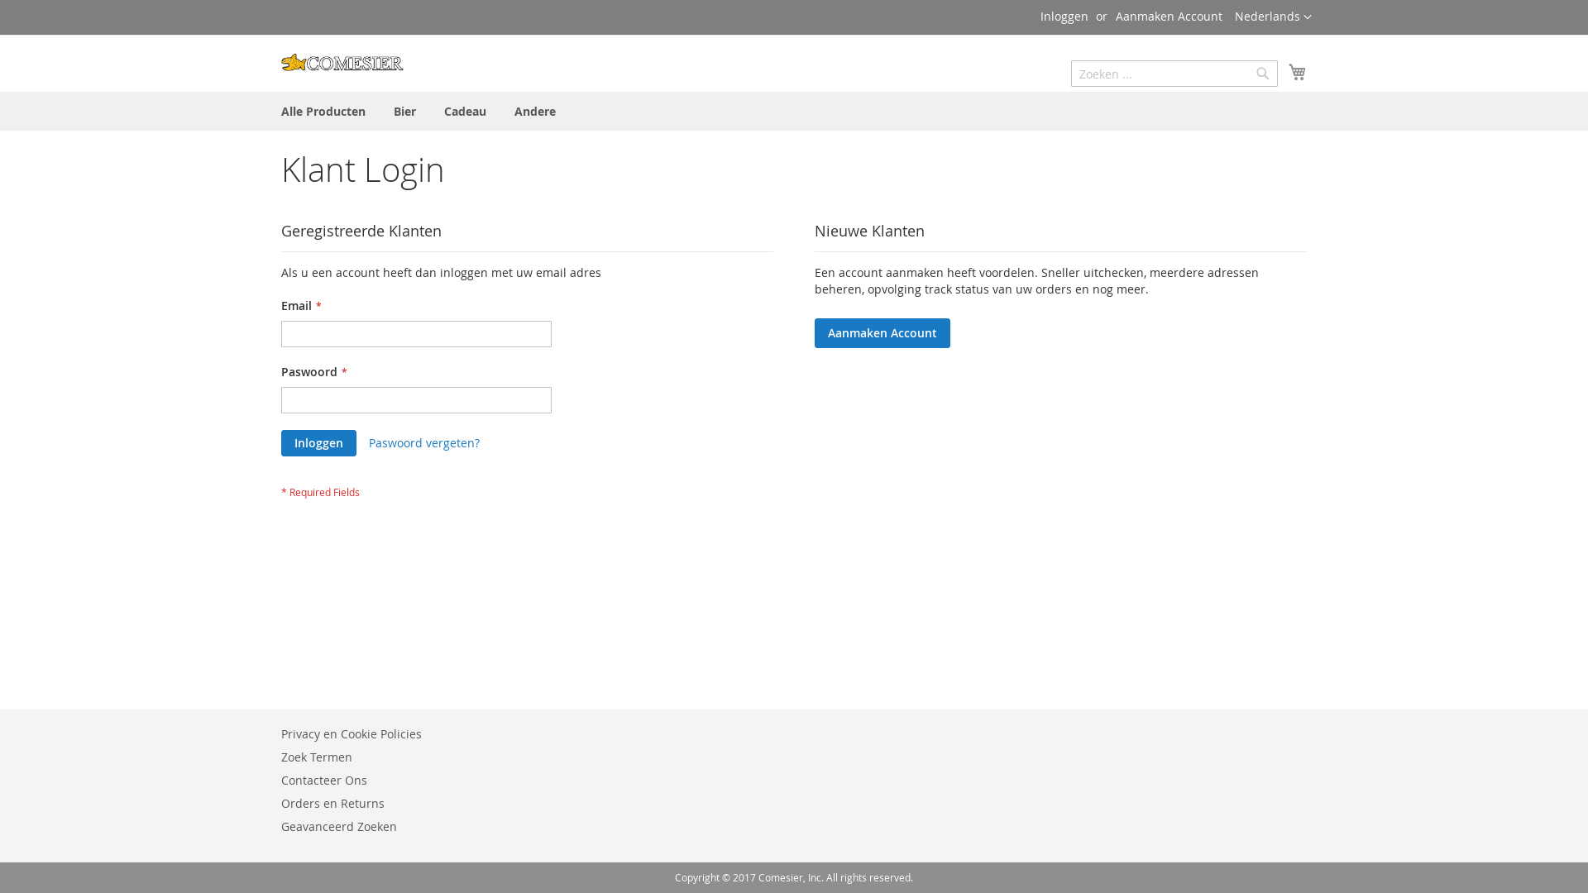  Describe the element at coordinates (351, 733) in the screenshot. I see `'Privacy en Cookie Policies'` at that location.